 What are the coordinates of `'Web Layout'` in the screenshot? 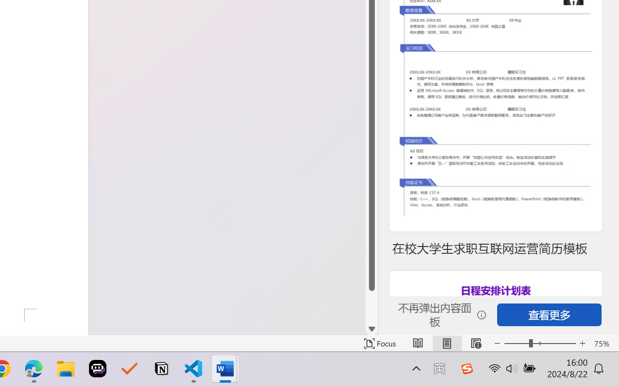 It's located at (476, 343).